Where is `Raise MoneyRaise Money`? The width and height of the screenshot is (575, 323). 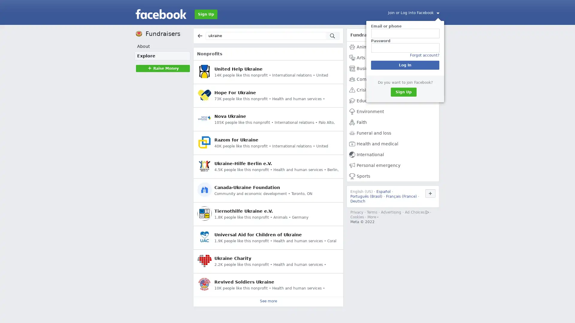 Raise MoneyRaise Money is located at coordinates (163, 68).